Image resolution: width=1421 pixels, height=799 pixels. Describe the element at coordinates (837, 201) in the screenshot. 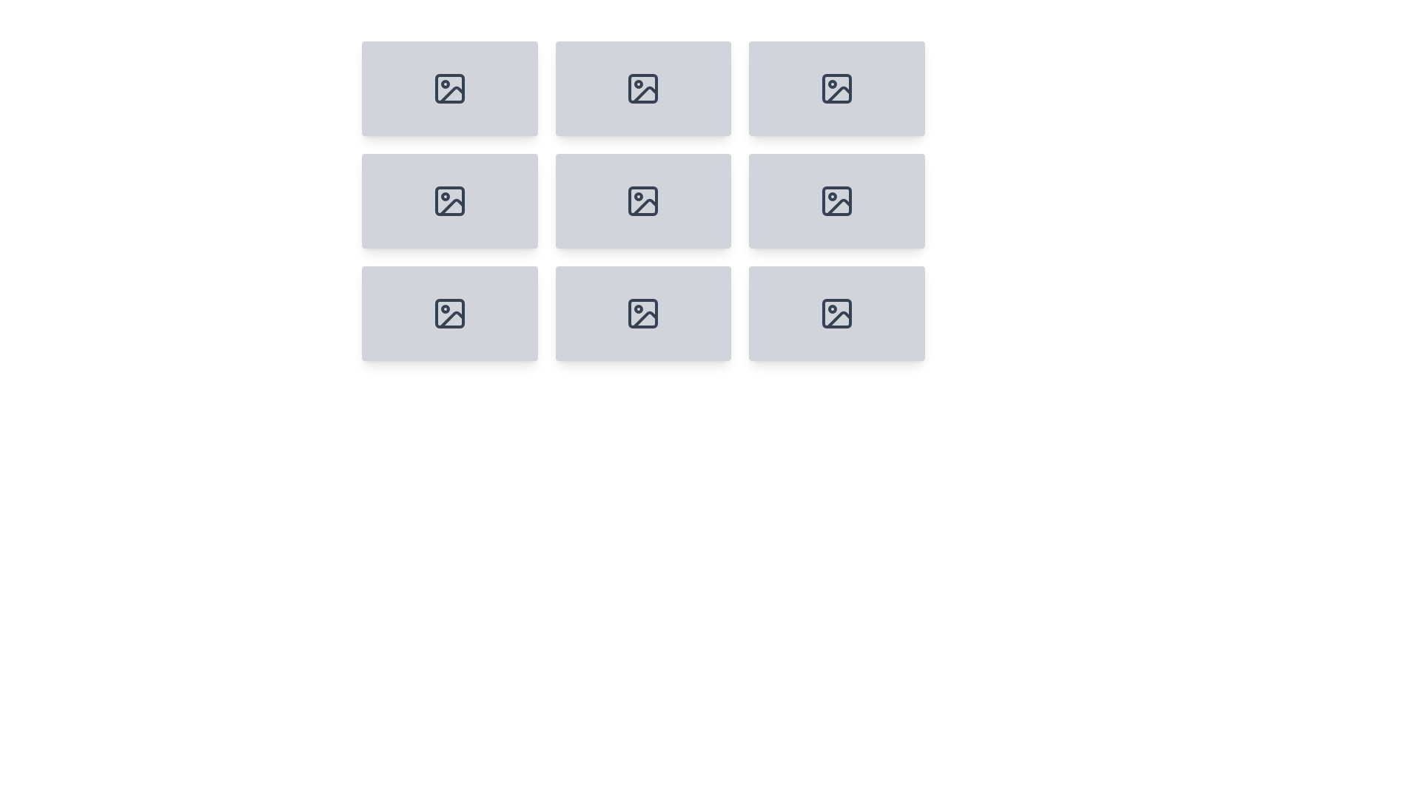

I see `the rectangular Card or content block with a light gray background that contains a centered icon resembling a stylized image glyph, located in the second row and third column of the grid layout` at that location.